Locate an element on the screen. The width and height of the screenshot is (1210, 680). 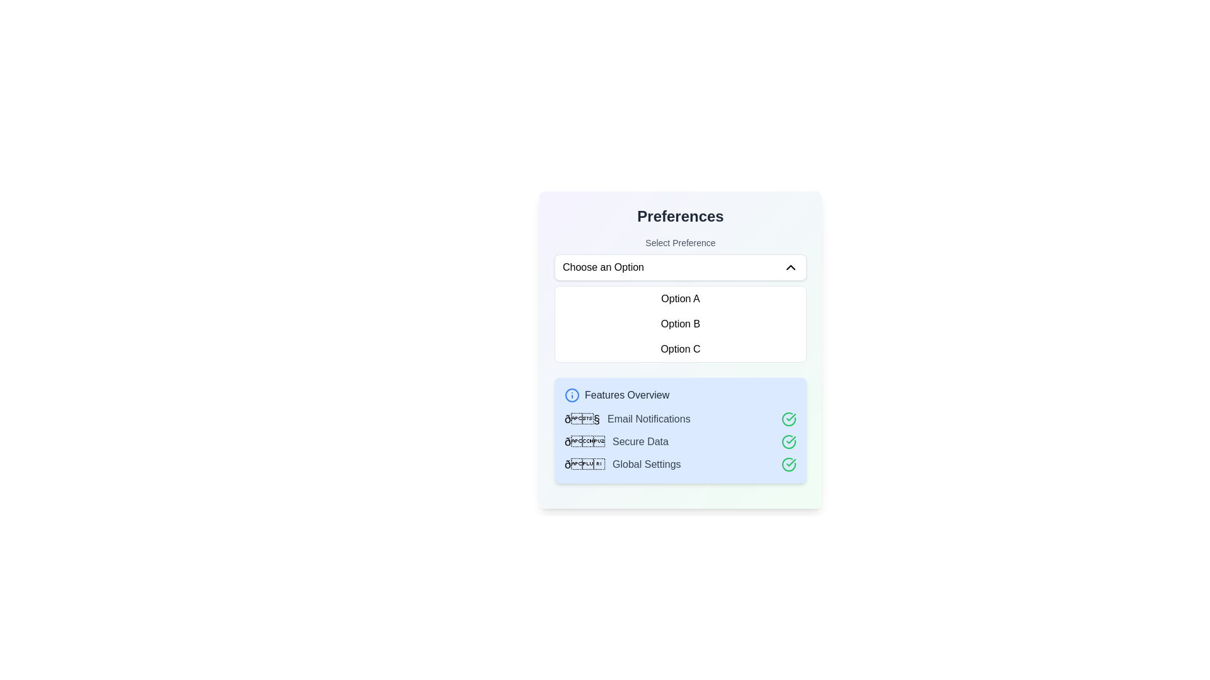
the status icon indicating the 'Email Notifications' feature in the last column of the 'Email Notifications' row within the 'Features Overview' section is located at coordinates (788, 419).